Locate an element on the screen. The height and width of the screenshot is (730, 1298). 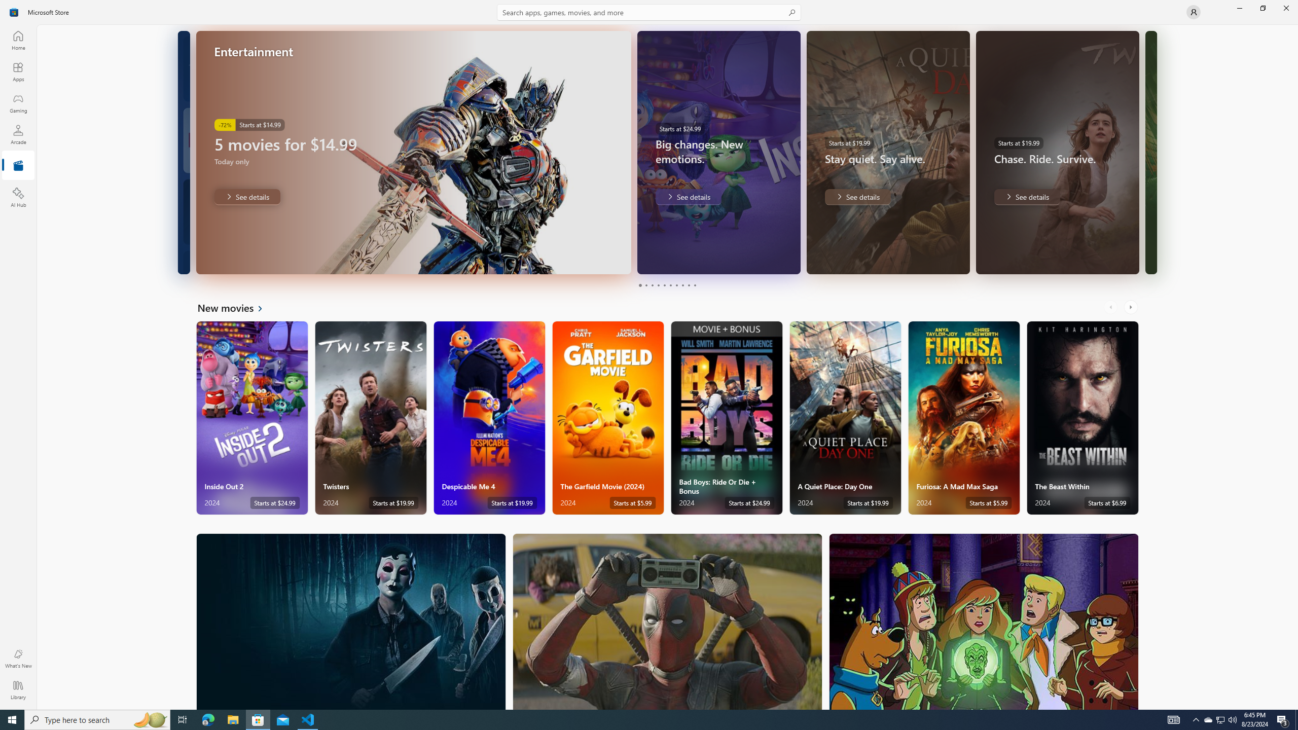
'Apps' is located at coordinates (17, 71).